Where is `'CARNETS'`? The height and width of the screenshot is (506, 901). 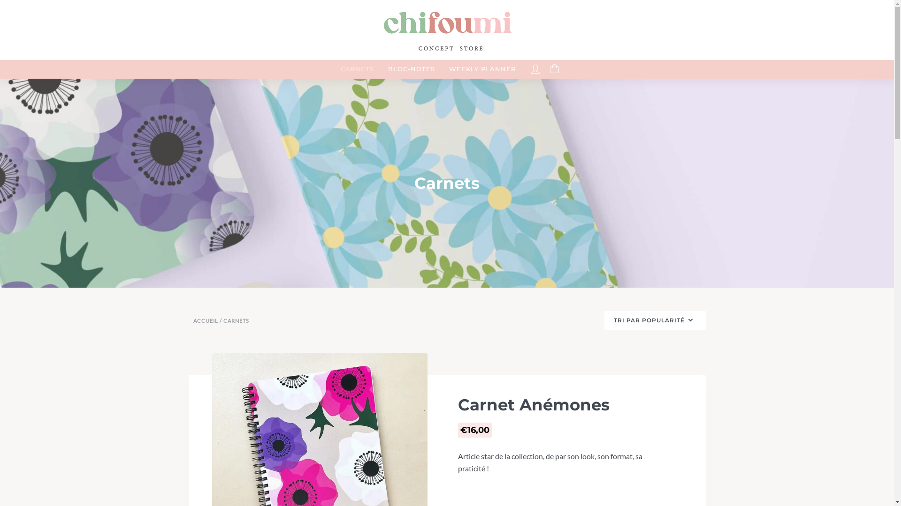
'CARNETS' is located at coordinates (357, 68).